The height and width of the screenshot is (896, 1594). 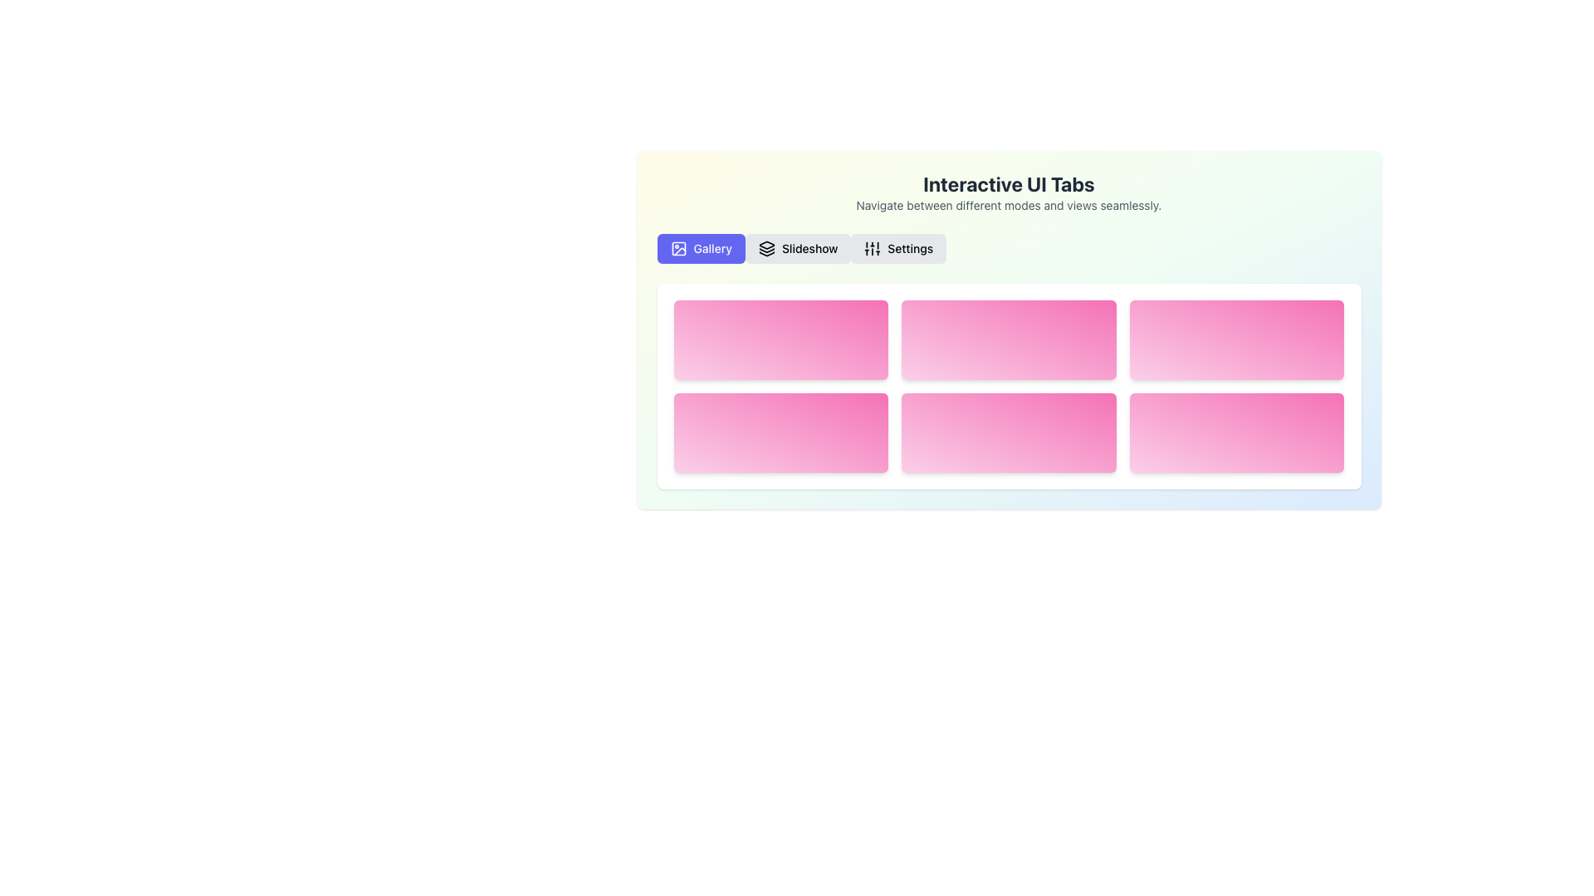 What do you see at coordinates (798, 249) in the screenshot?
I see `the navigation button that switches the interface view to slideshow mode, located at the top center of the interface, between the 'Gallery' and 'Settings' buttons` at bounding box center [798, 249].